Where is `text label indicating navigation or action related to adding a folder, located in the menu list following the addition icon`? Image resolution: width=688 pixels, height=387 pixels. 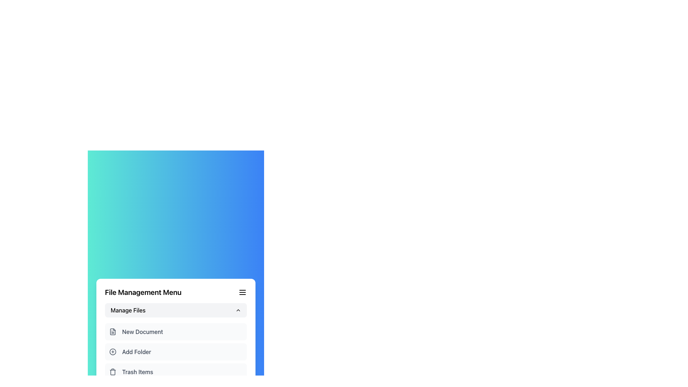
text label indicating navigation or action related to adding a folder, located in the menu list following the addition icon is located at coordinates (137, 352).